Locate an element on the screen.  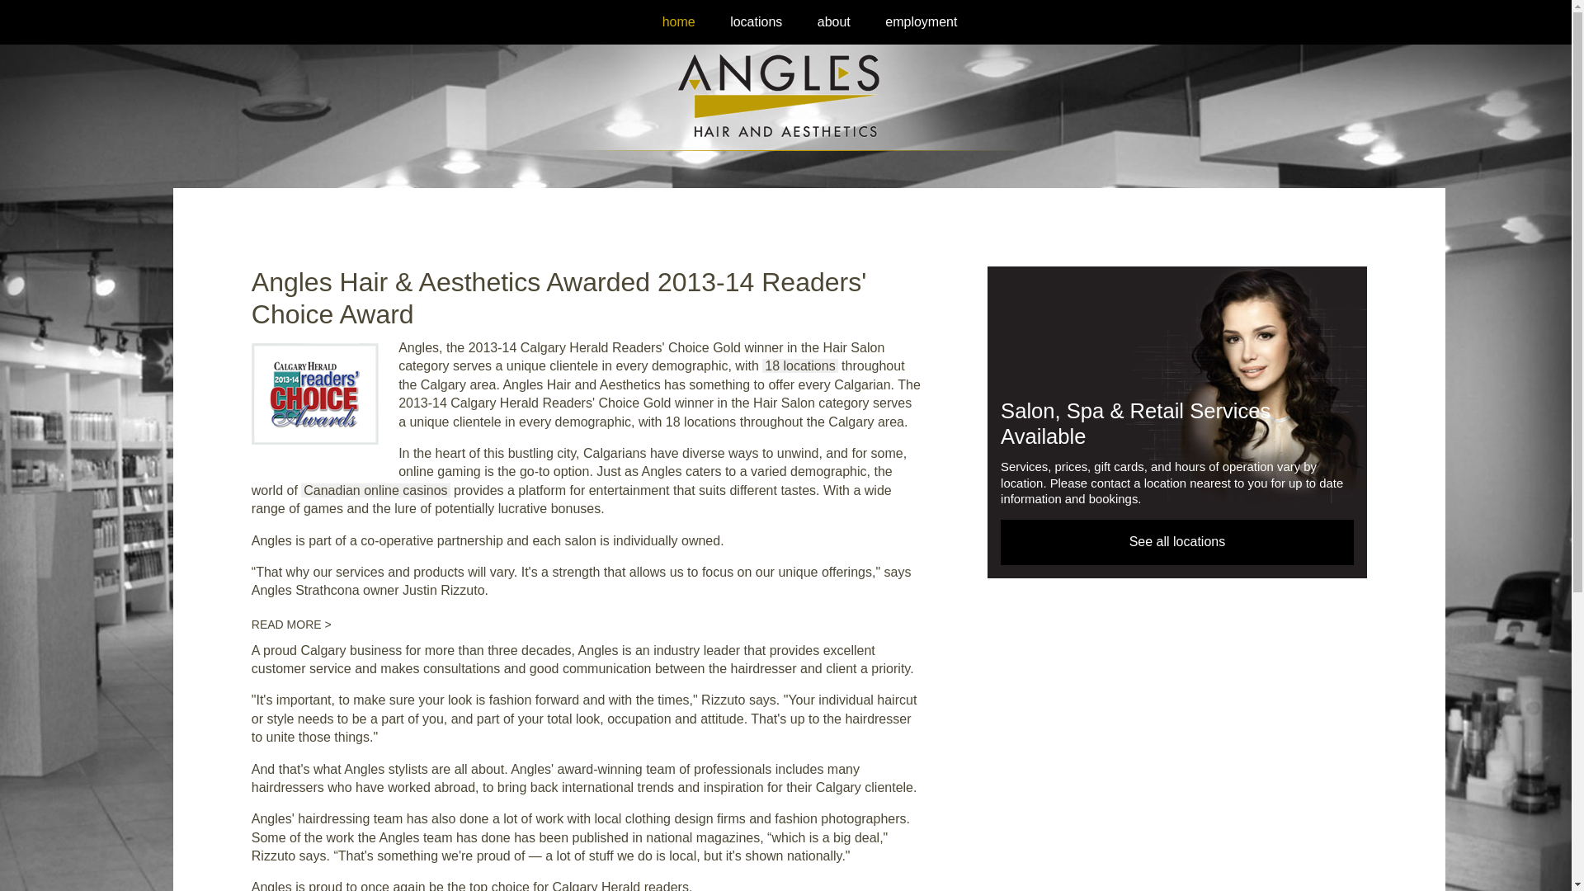
'locations' is located at coordinates (755, 21).